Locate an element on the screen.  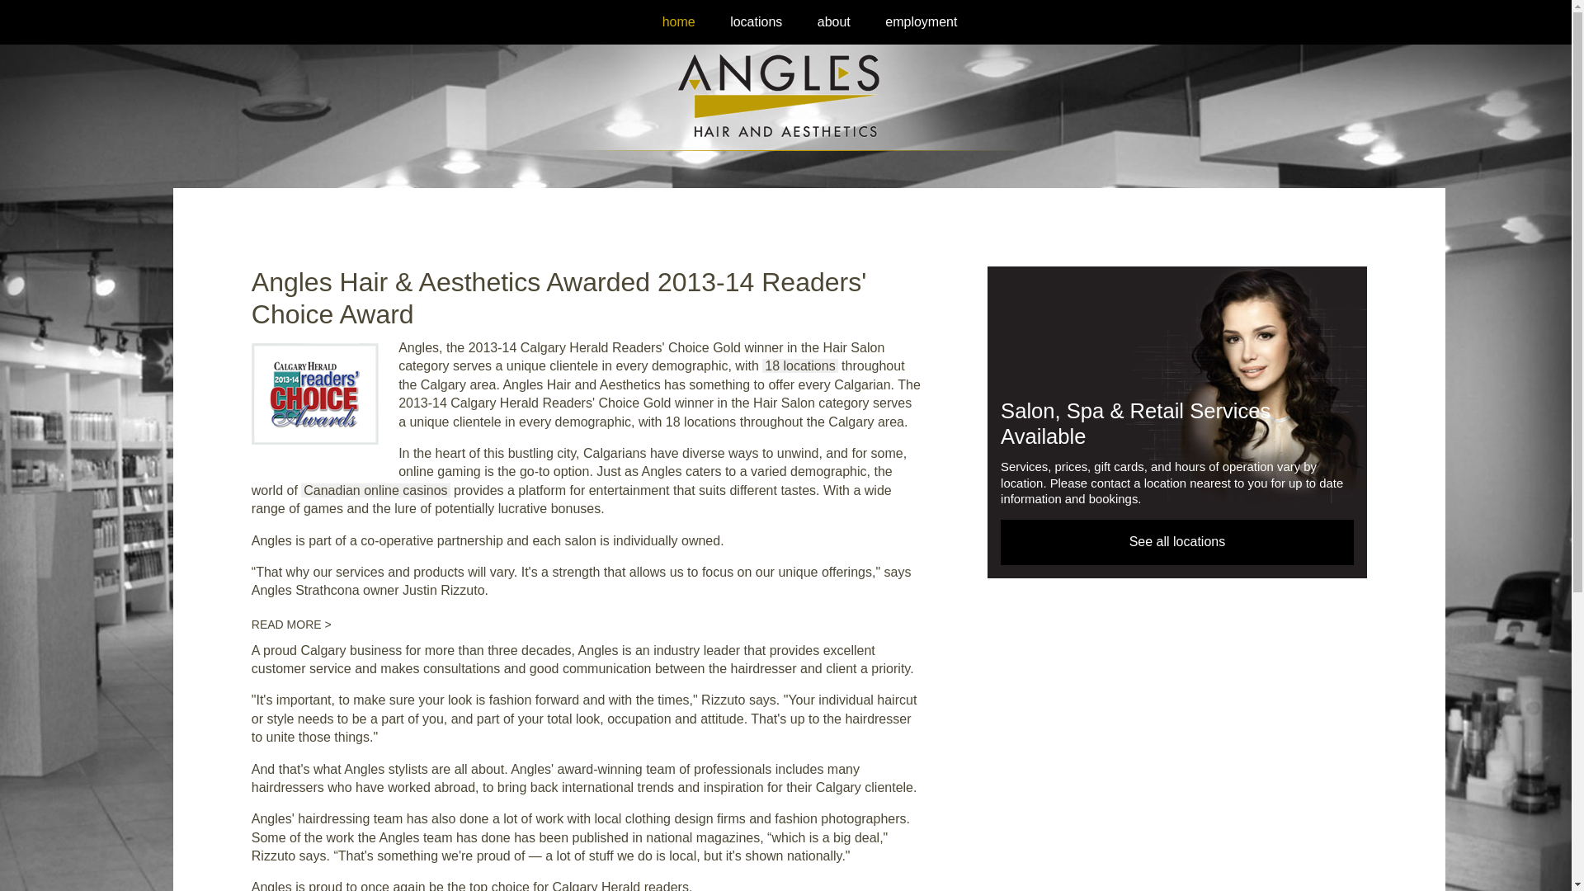
'locations' is located at coordinates (755, 21).